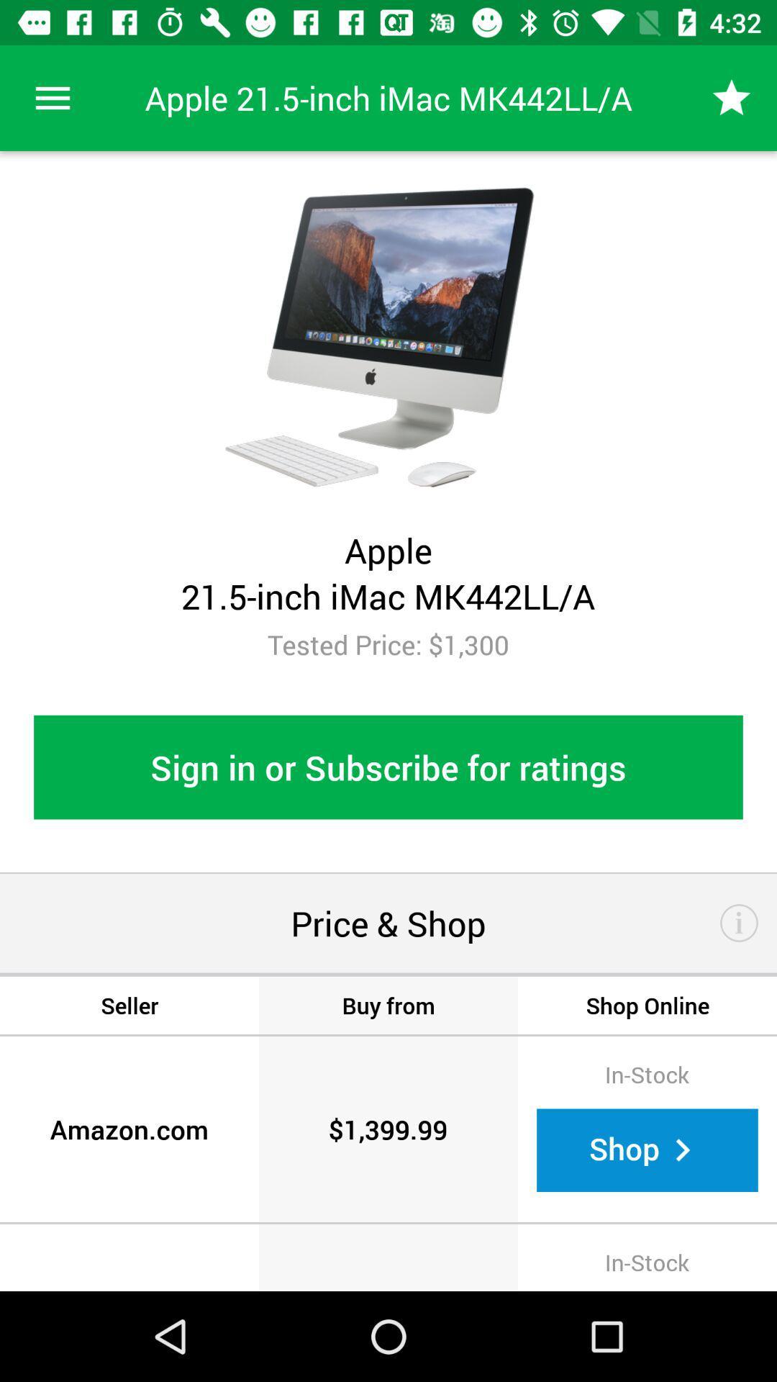 The height and width of the screenshot is (1382, 777). Describe the element at coordinates (52, 97) in the screenshot. I see `icon next to the apple 21 5 icon` at that location.